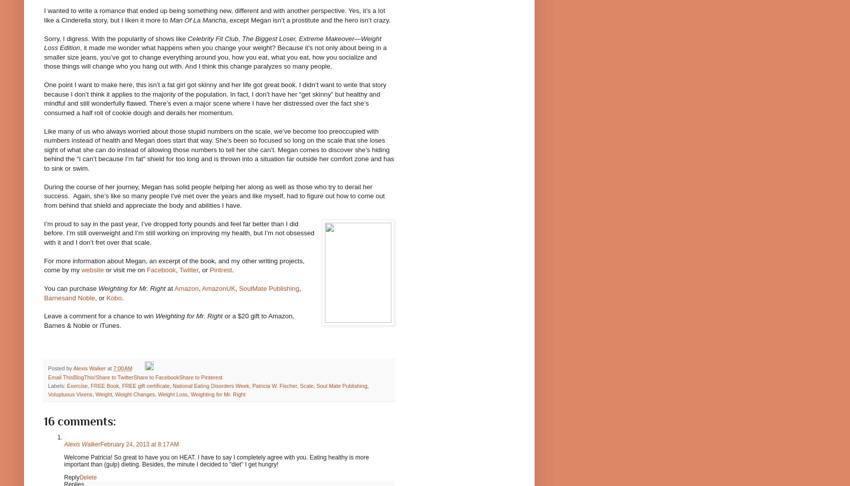  What do you see at coordinates (269, 288) in the screenshot?
I see `'SoulMate Publishing'` at bounding box center [269, 288].